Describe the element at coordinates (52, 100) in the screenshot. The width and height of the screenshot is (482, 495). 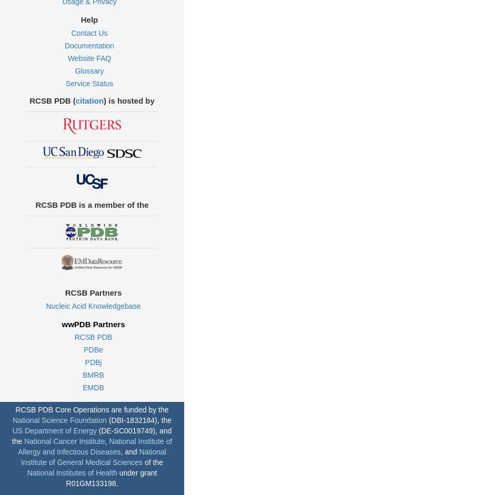
I see `'RCSB PDB ('` at that location.